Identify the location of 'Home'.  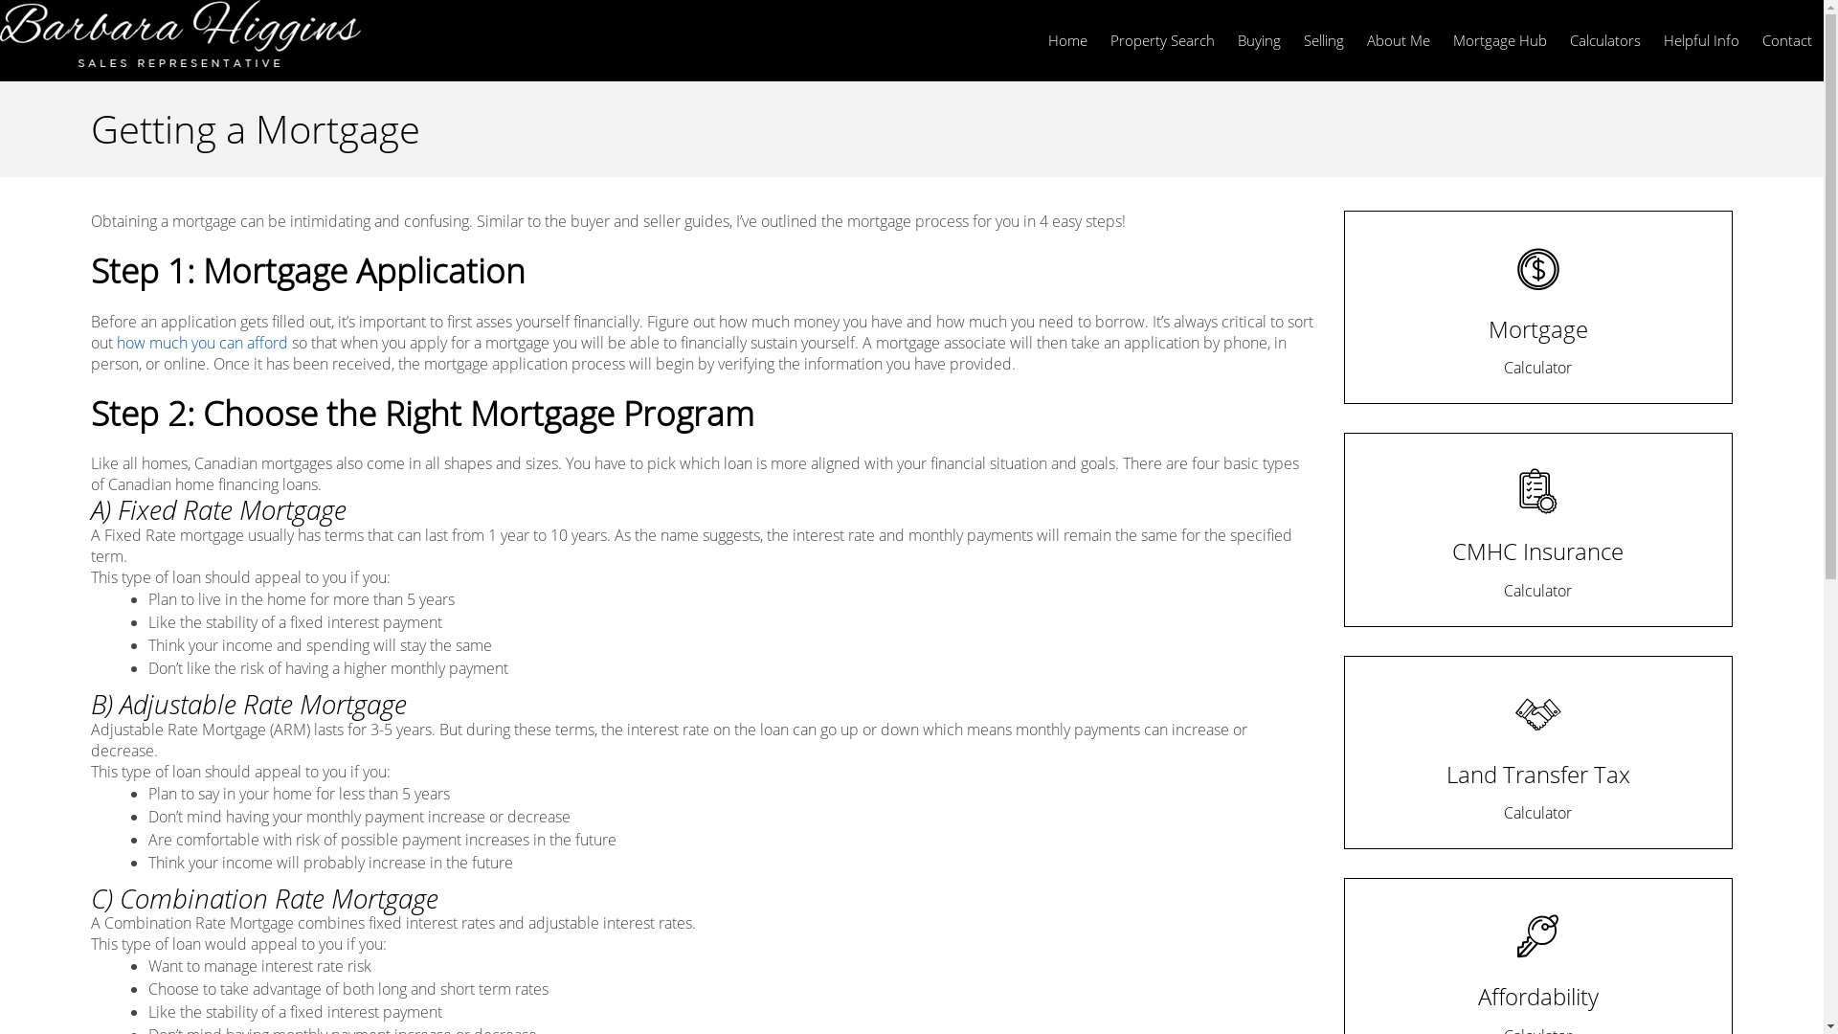
(1066, 40).